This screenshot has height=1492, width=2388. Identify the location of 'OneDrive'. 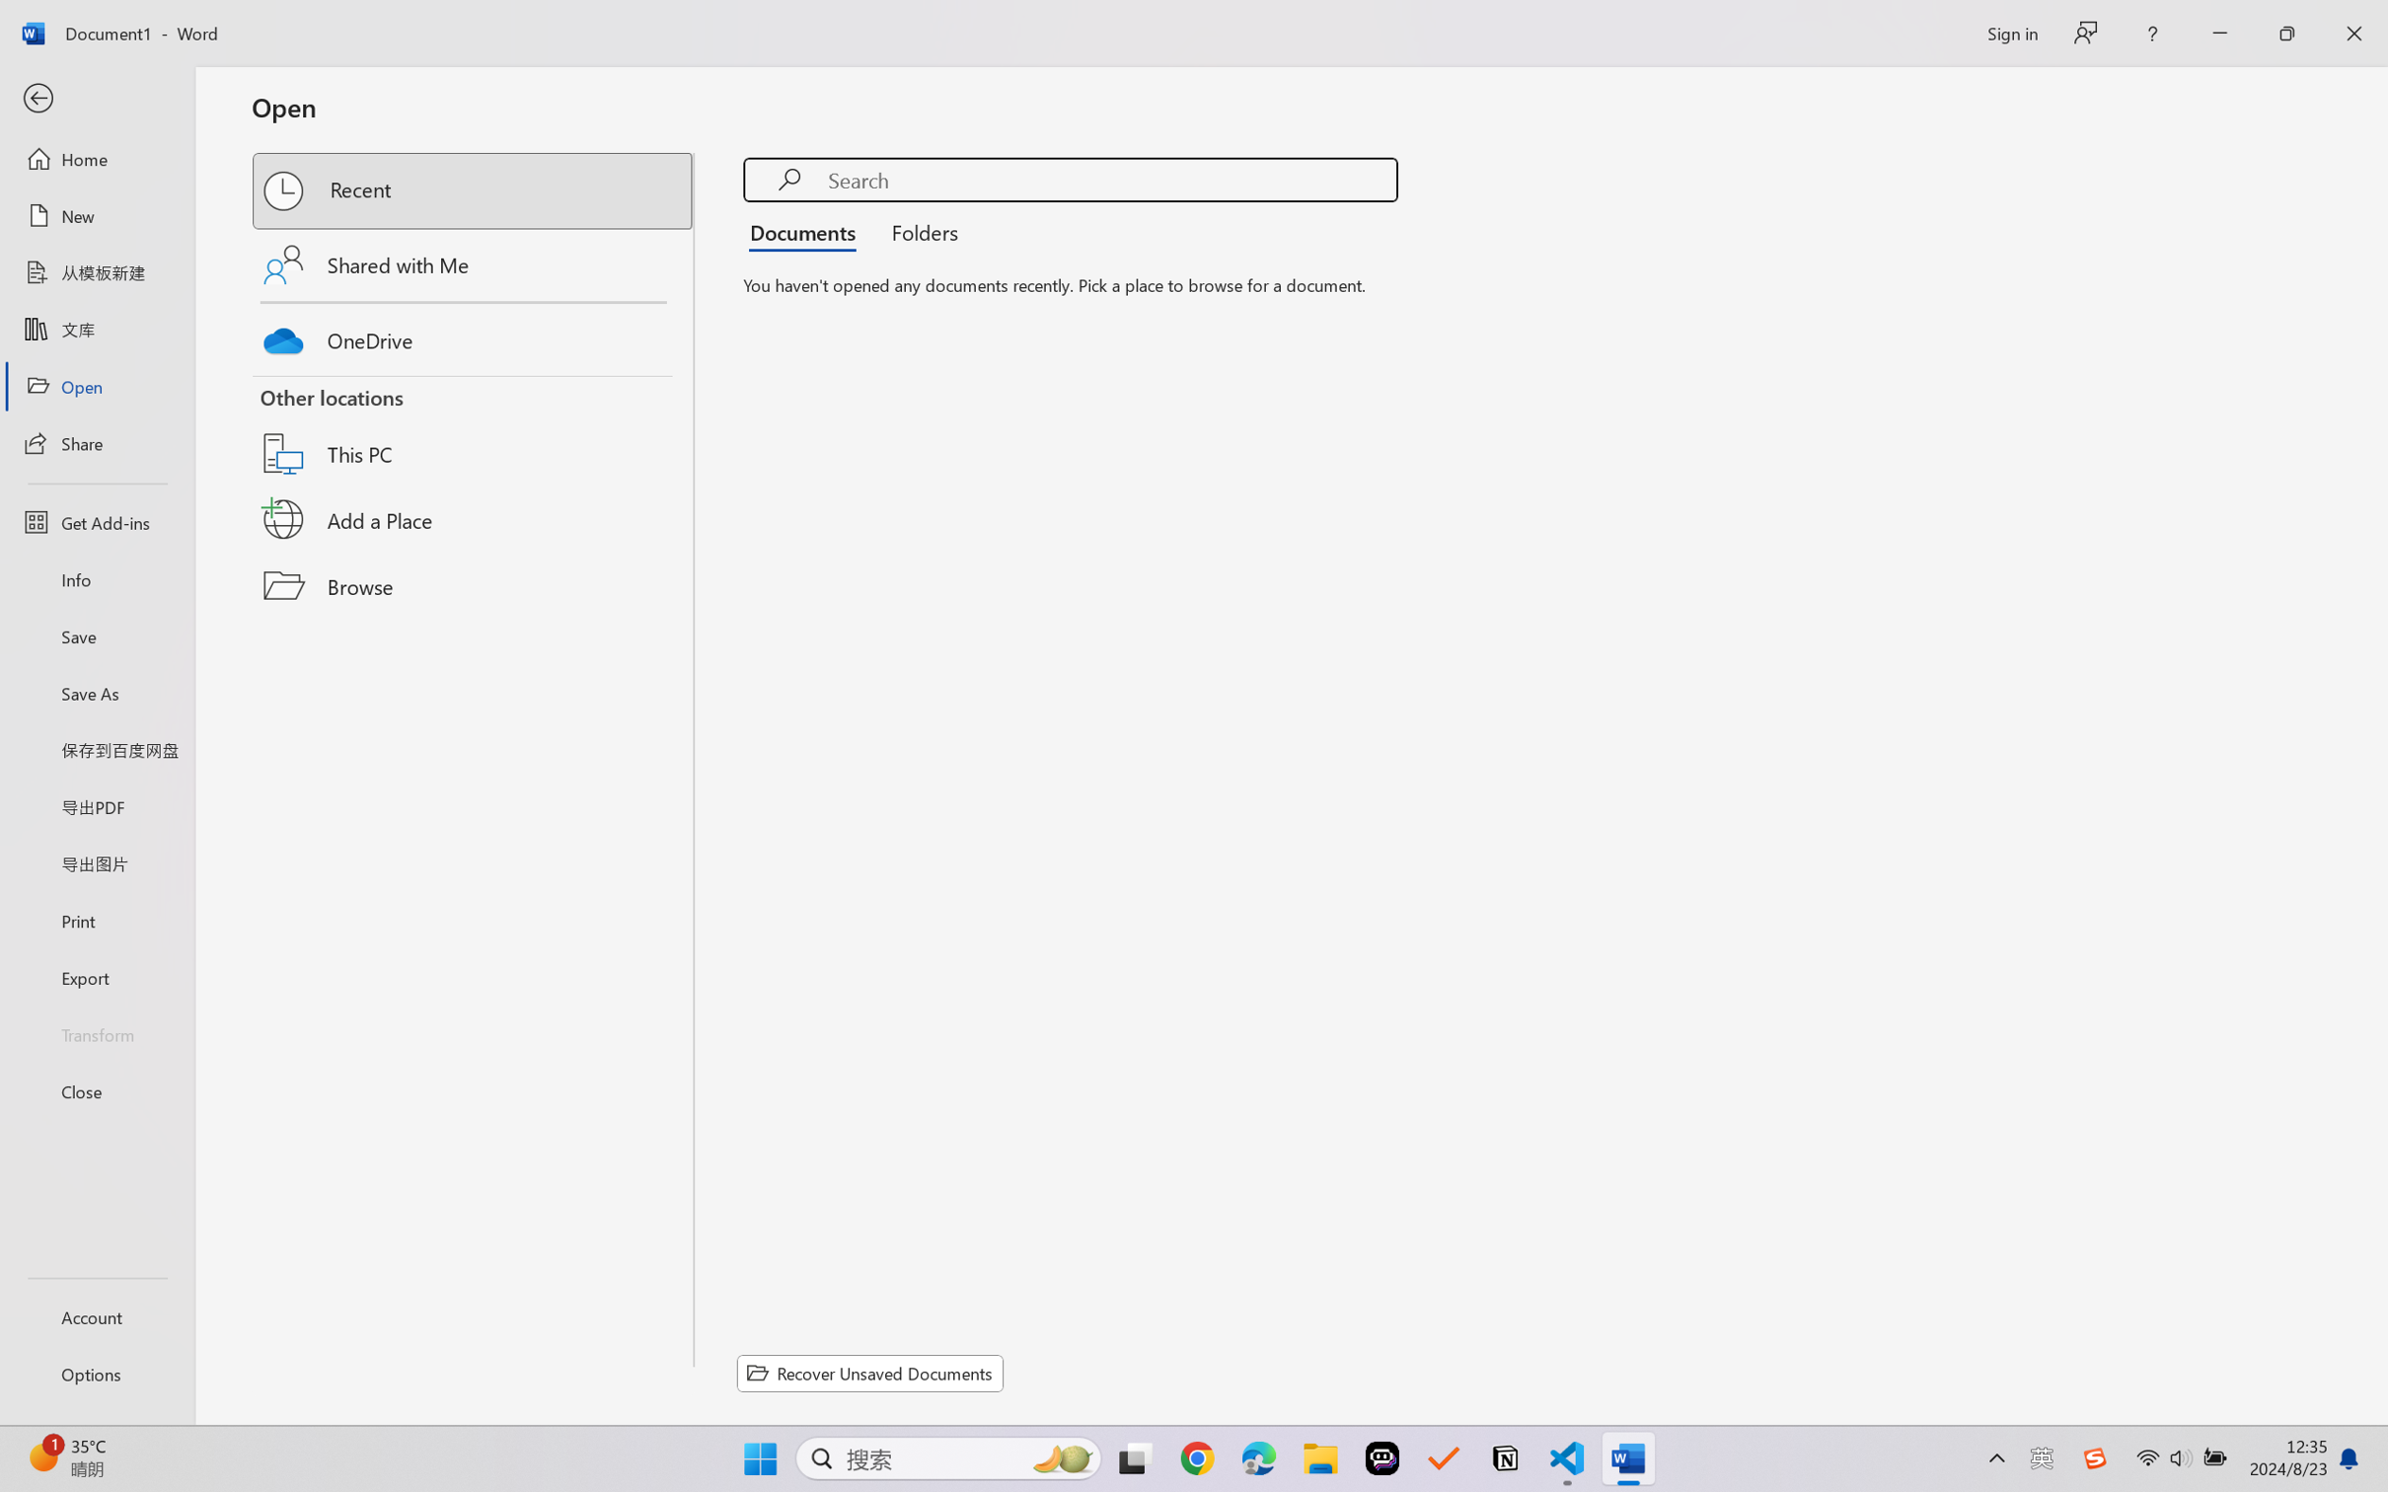
(474, 336).